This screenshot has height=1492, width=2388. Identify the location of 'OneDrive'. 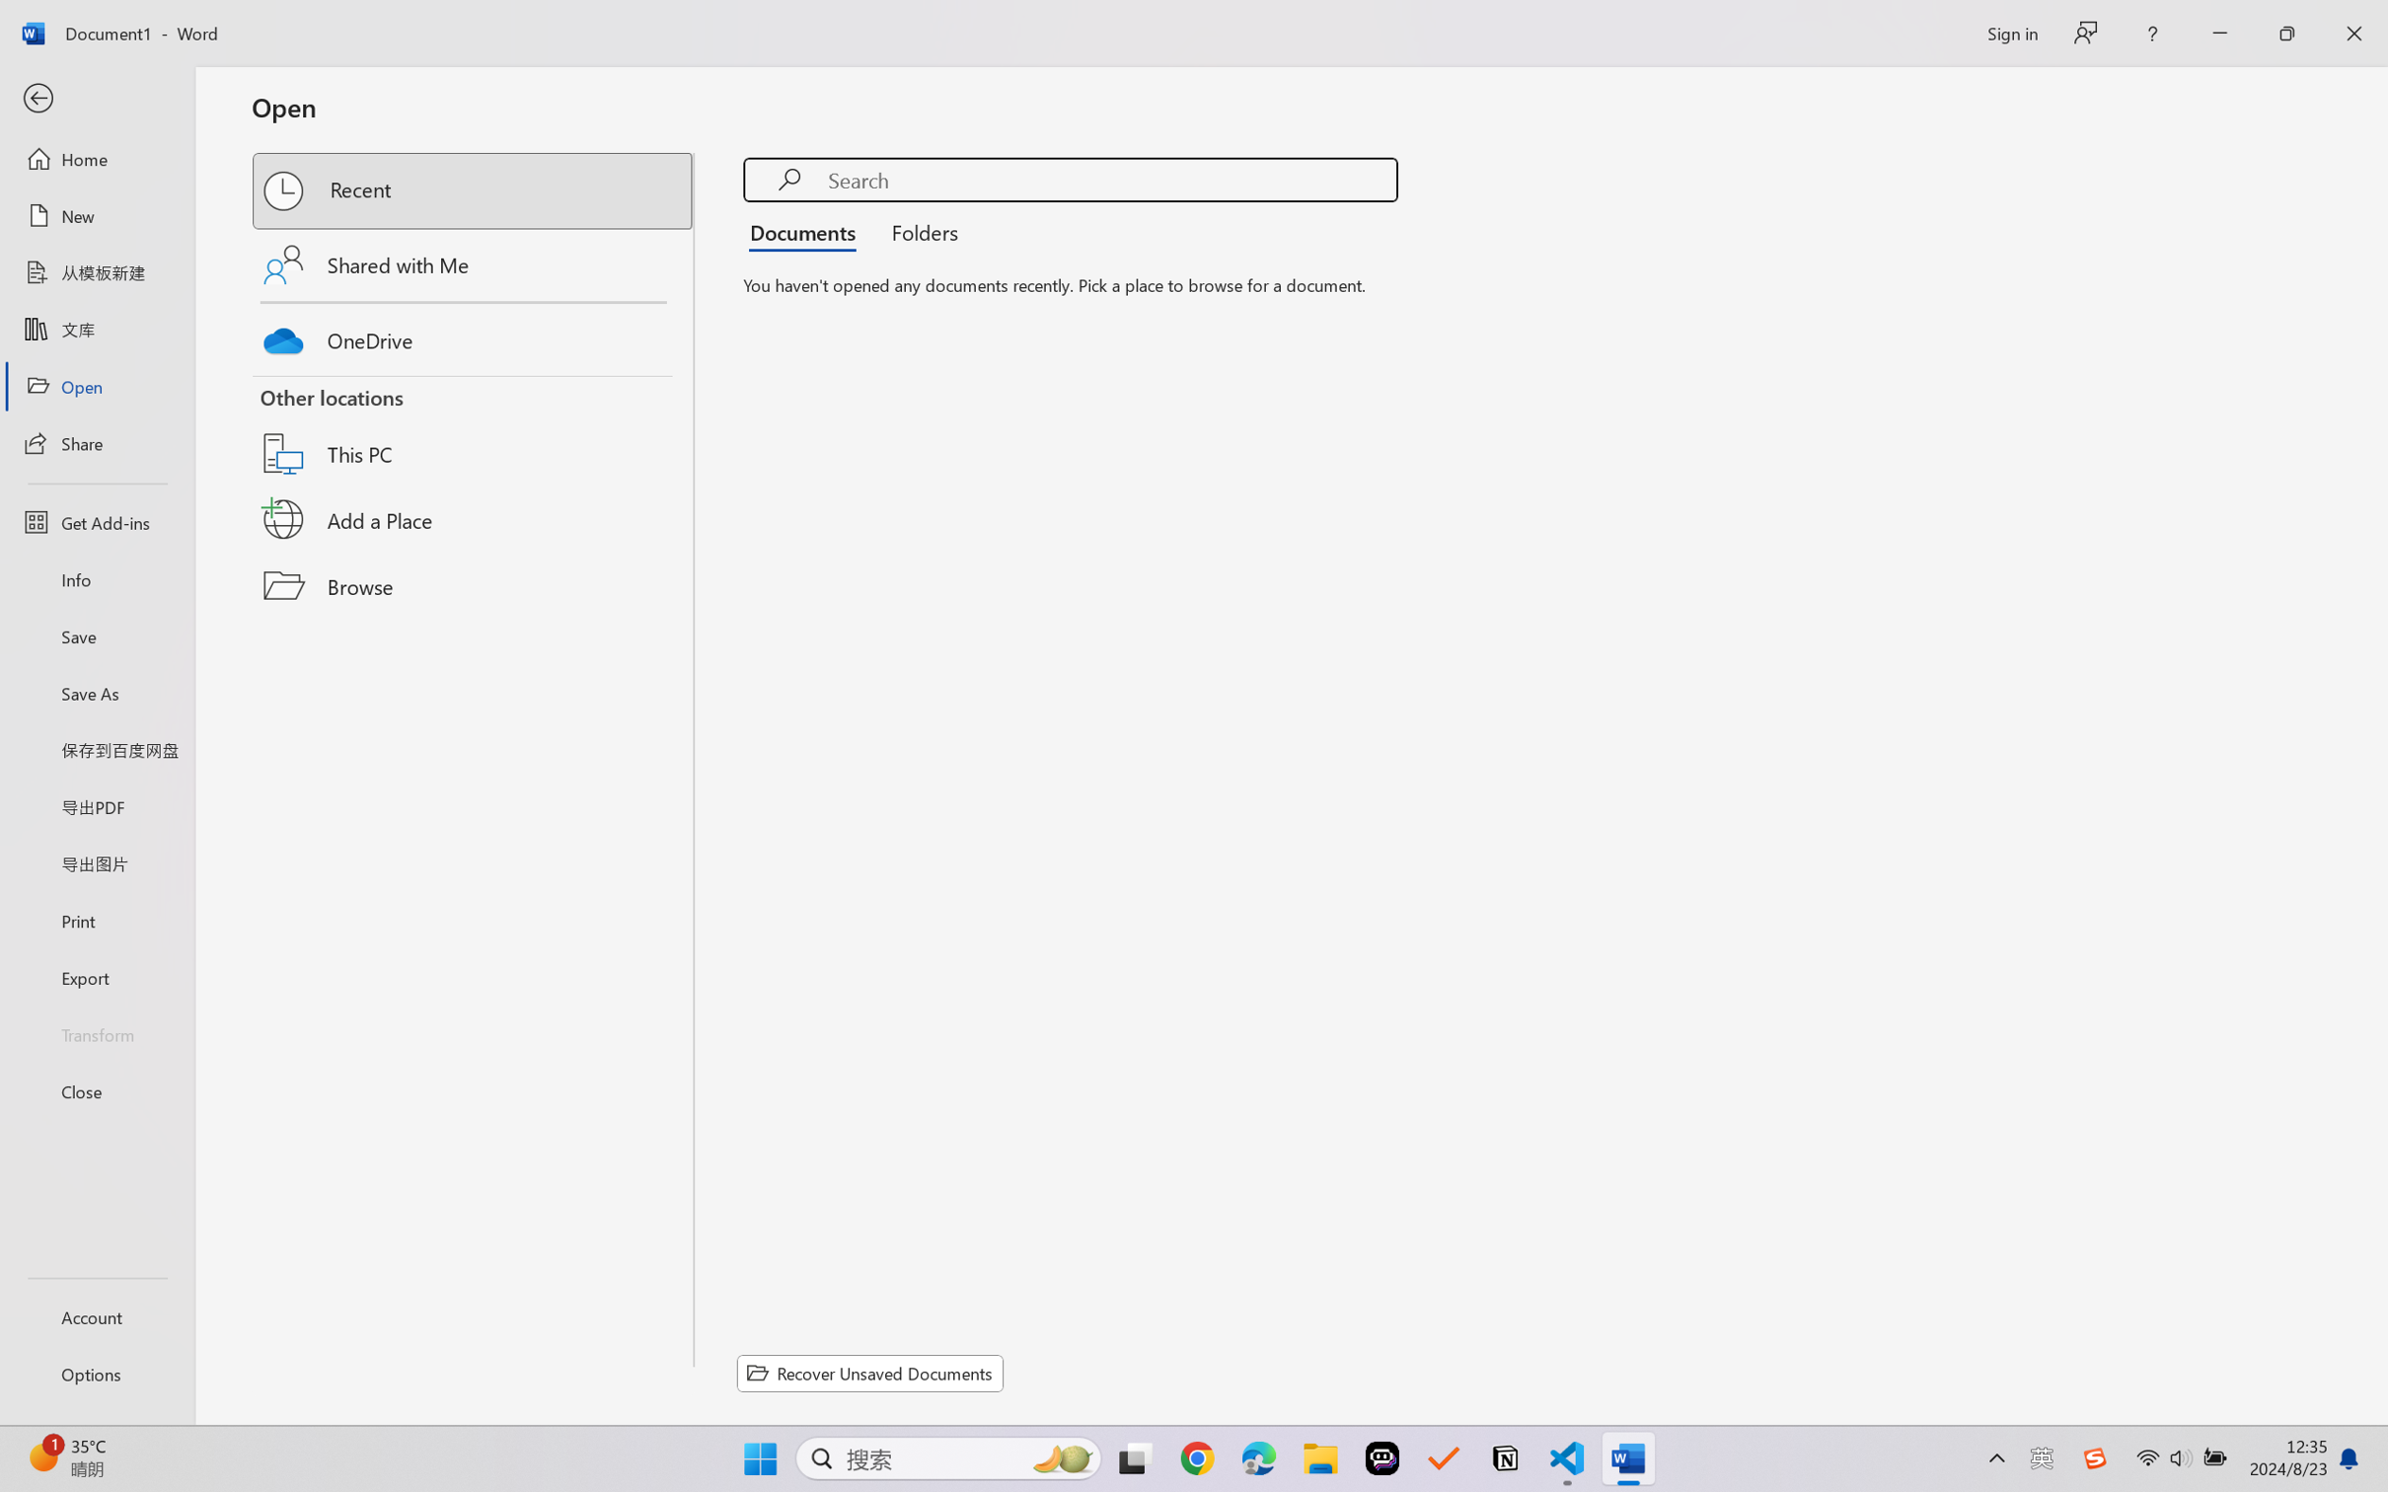
(474, 336).